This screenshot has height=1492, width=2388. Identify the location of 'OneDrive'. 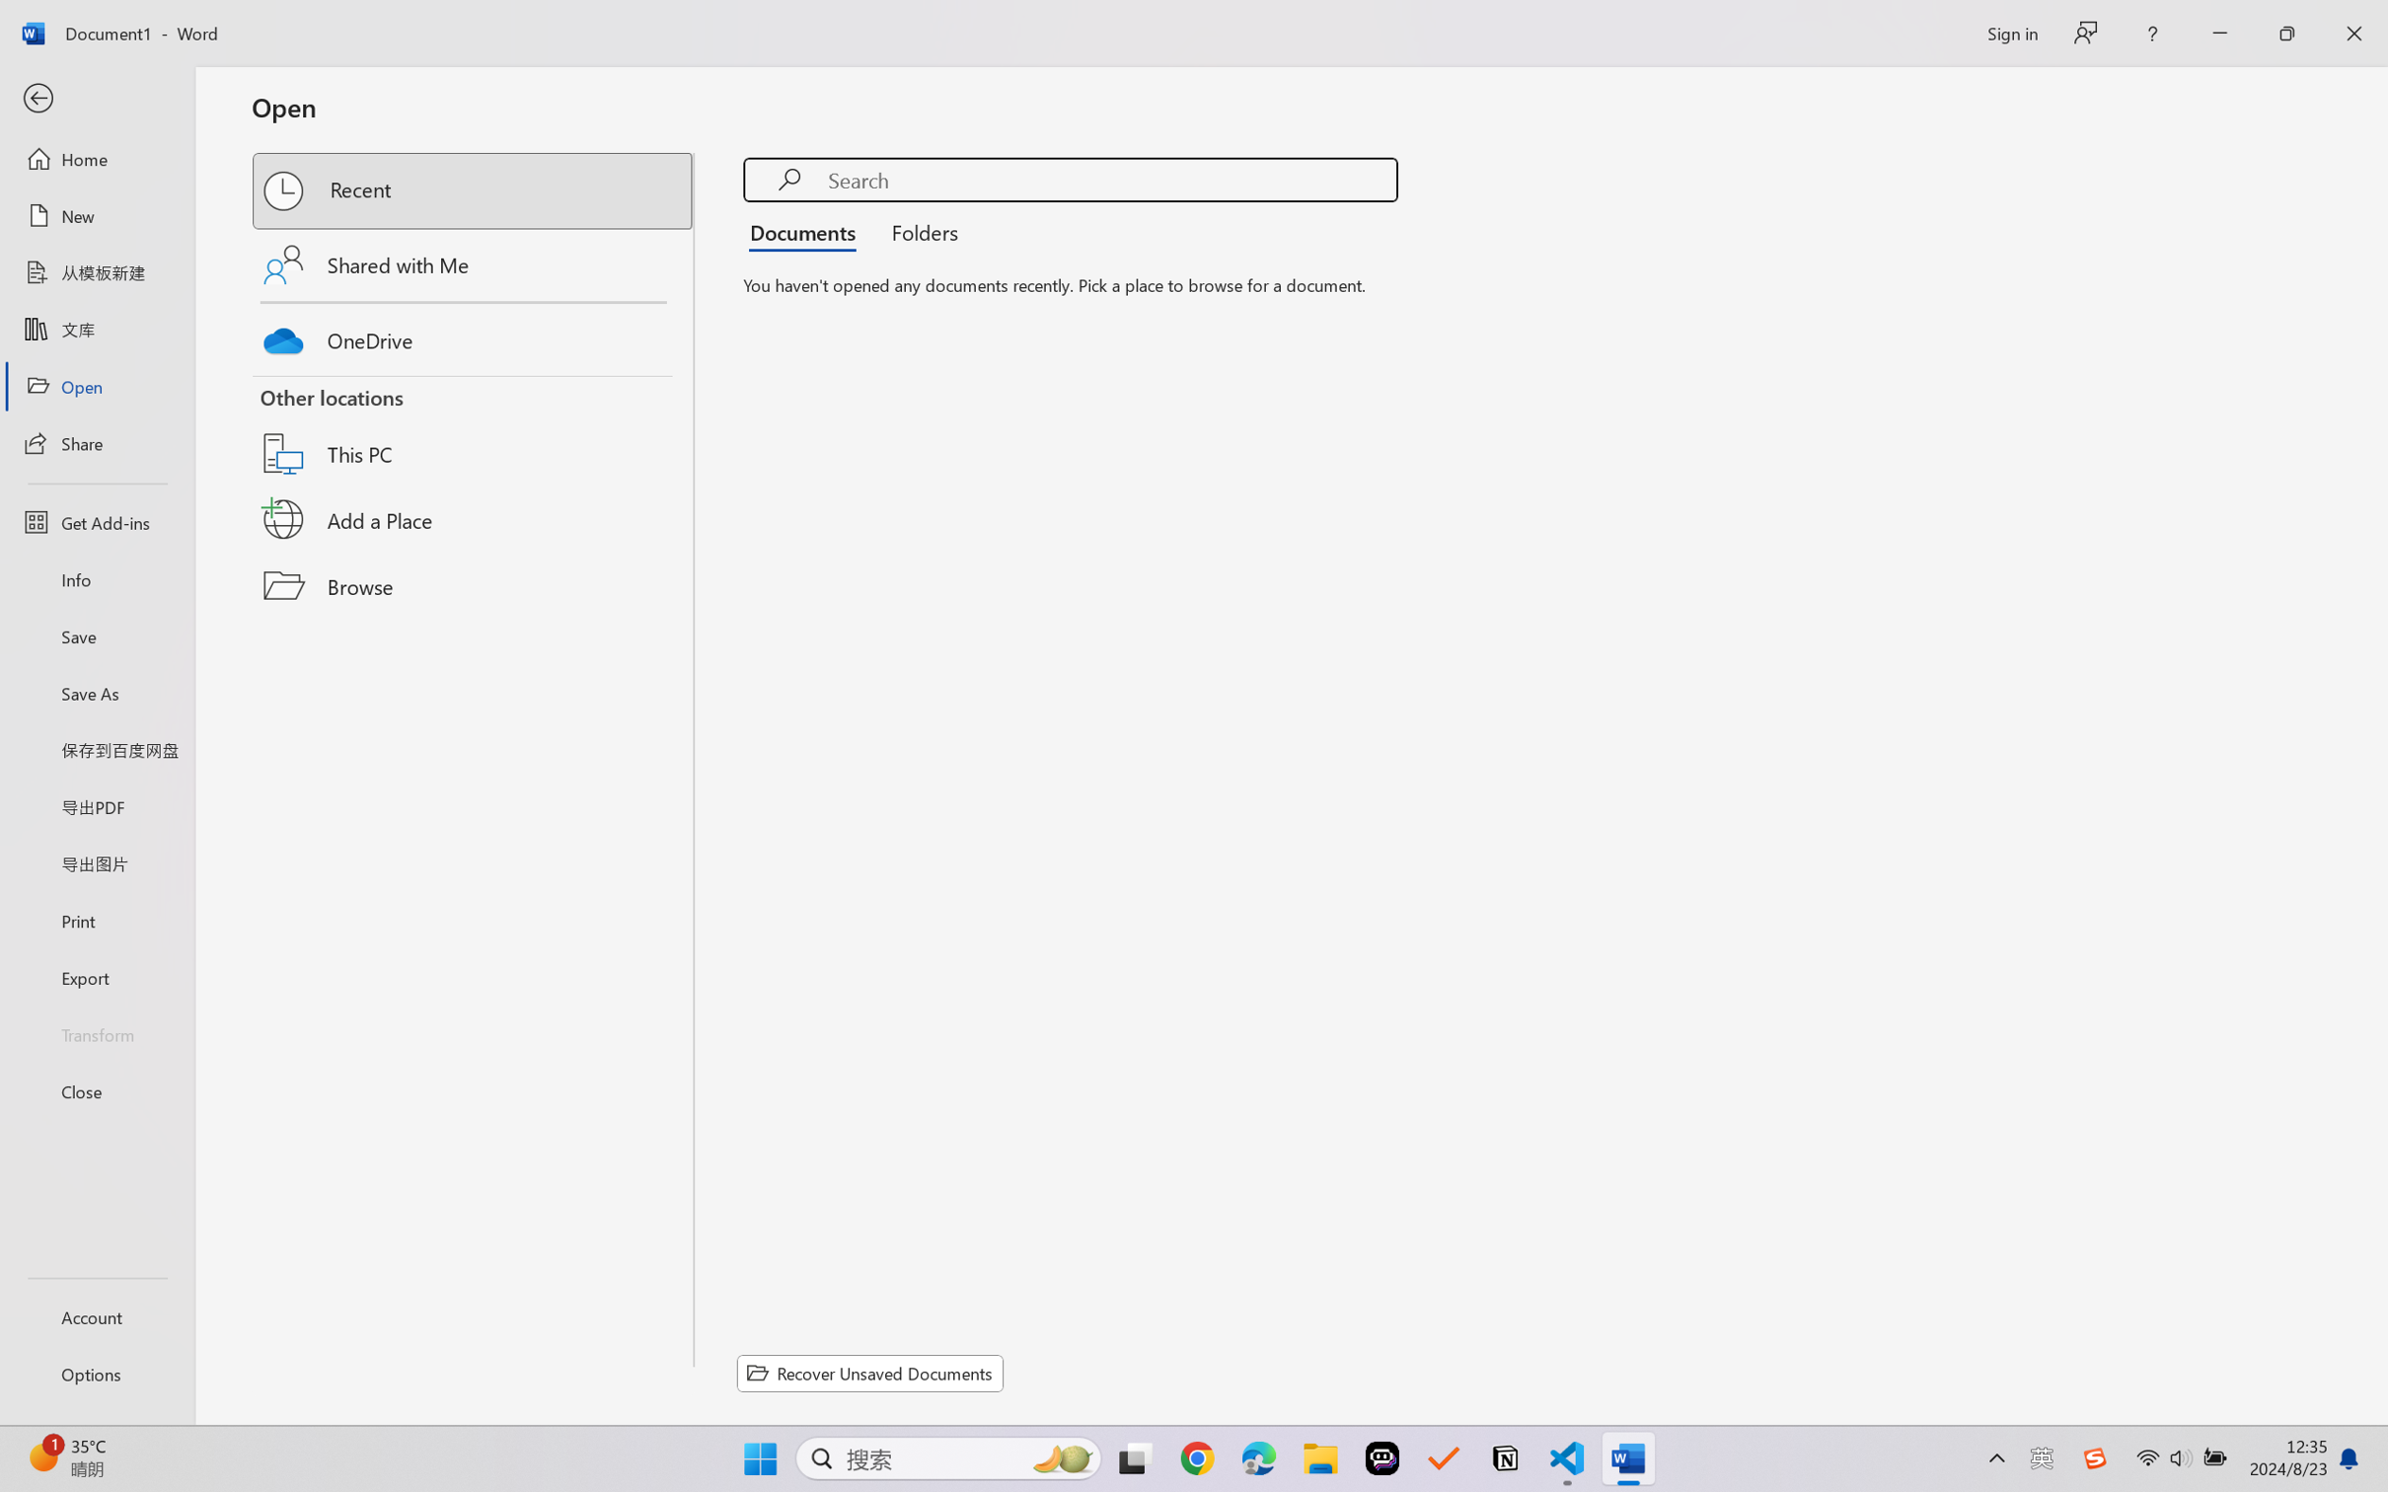
(474, 336).